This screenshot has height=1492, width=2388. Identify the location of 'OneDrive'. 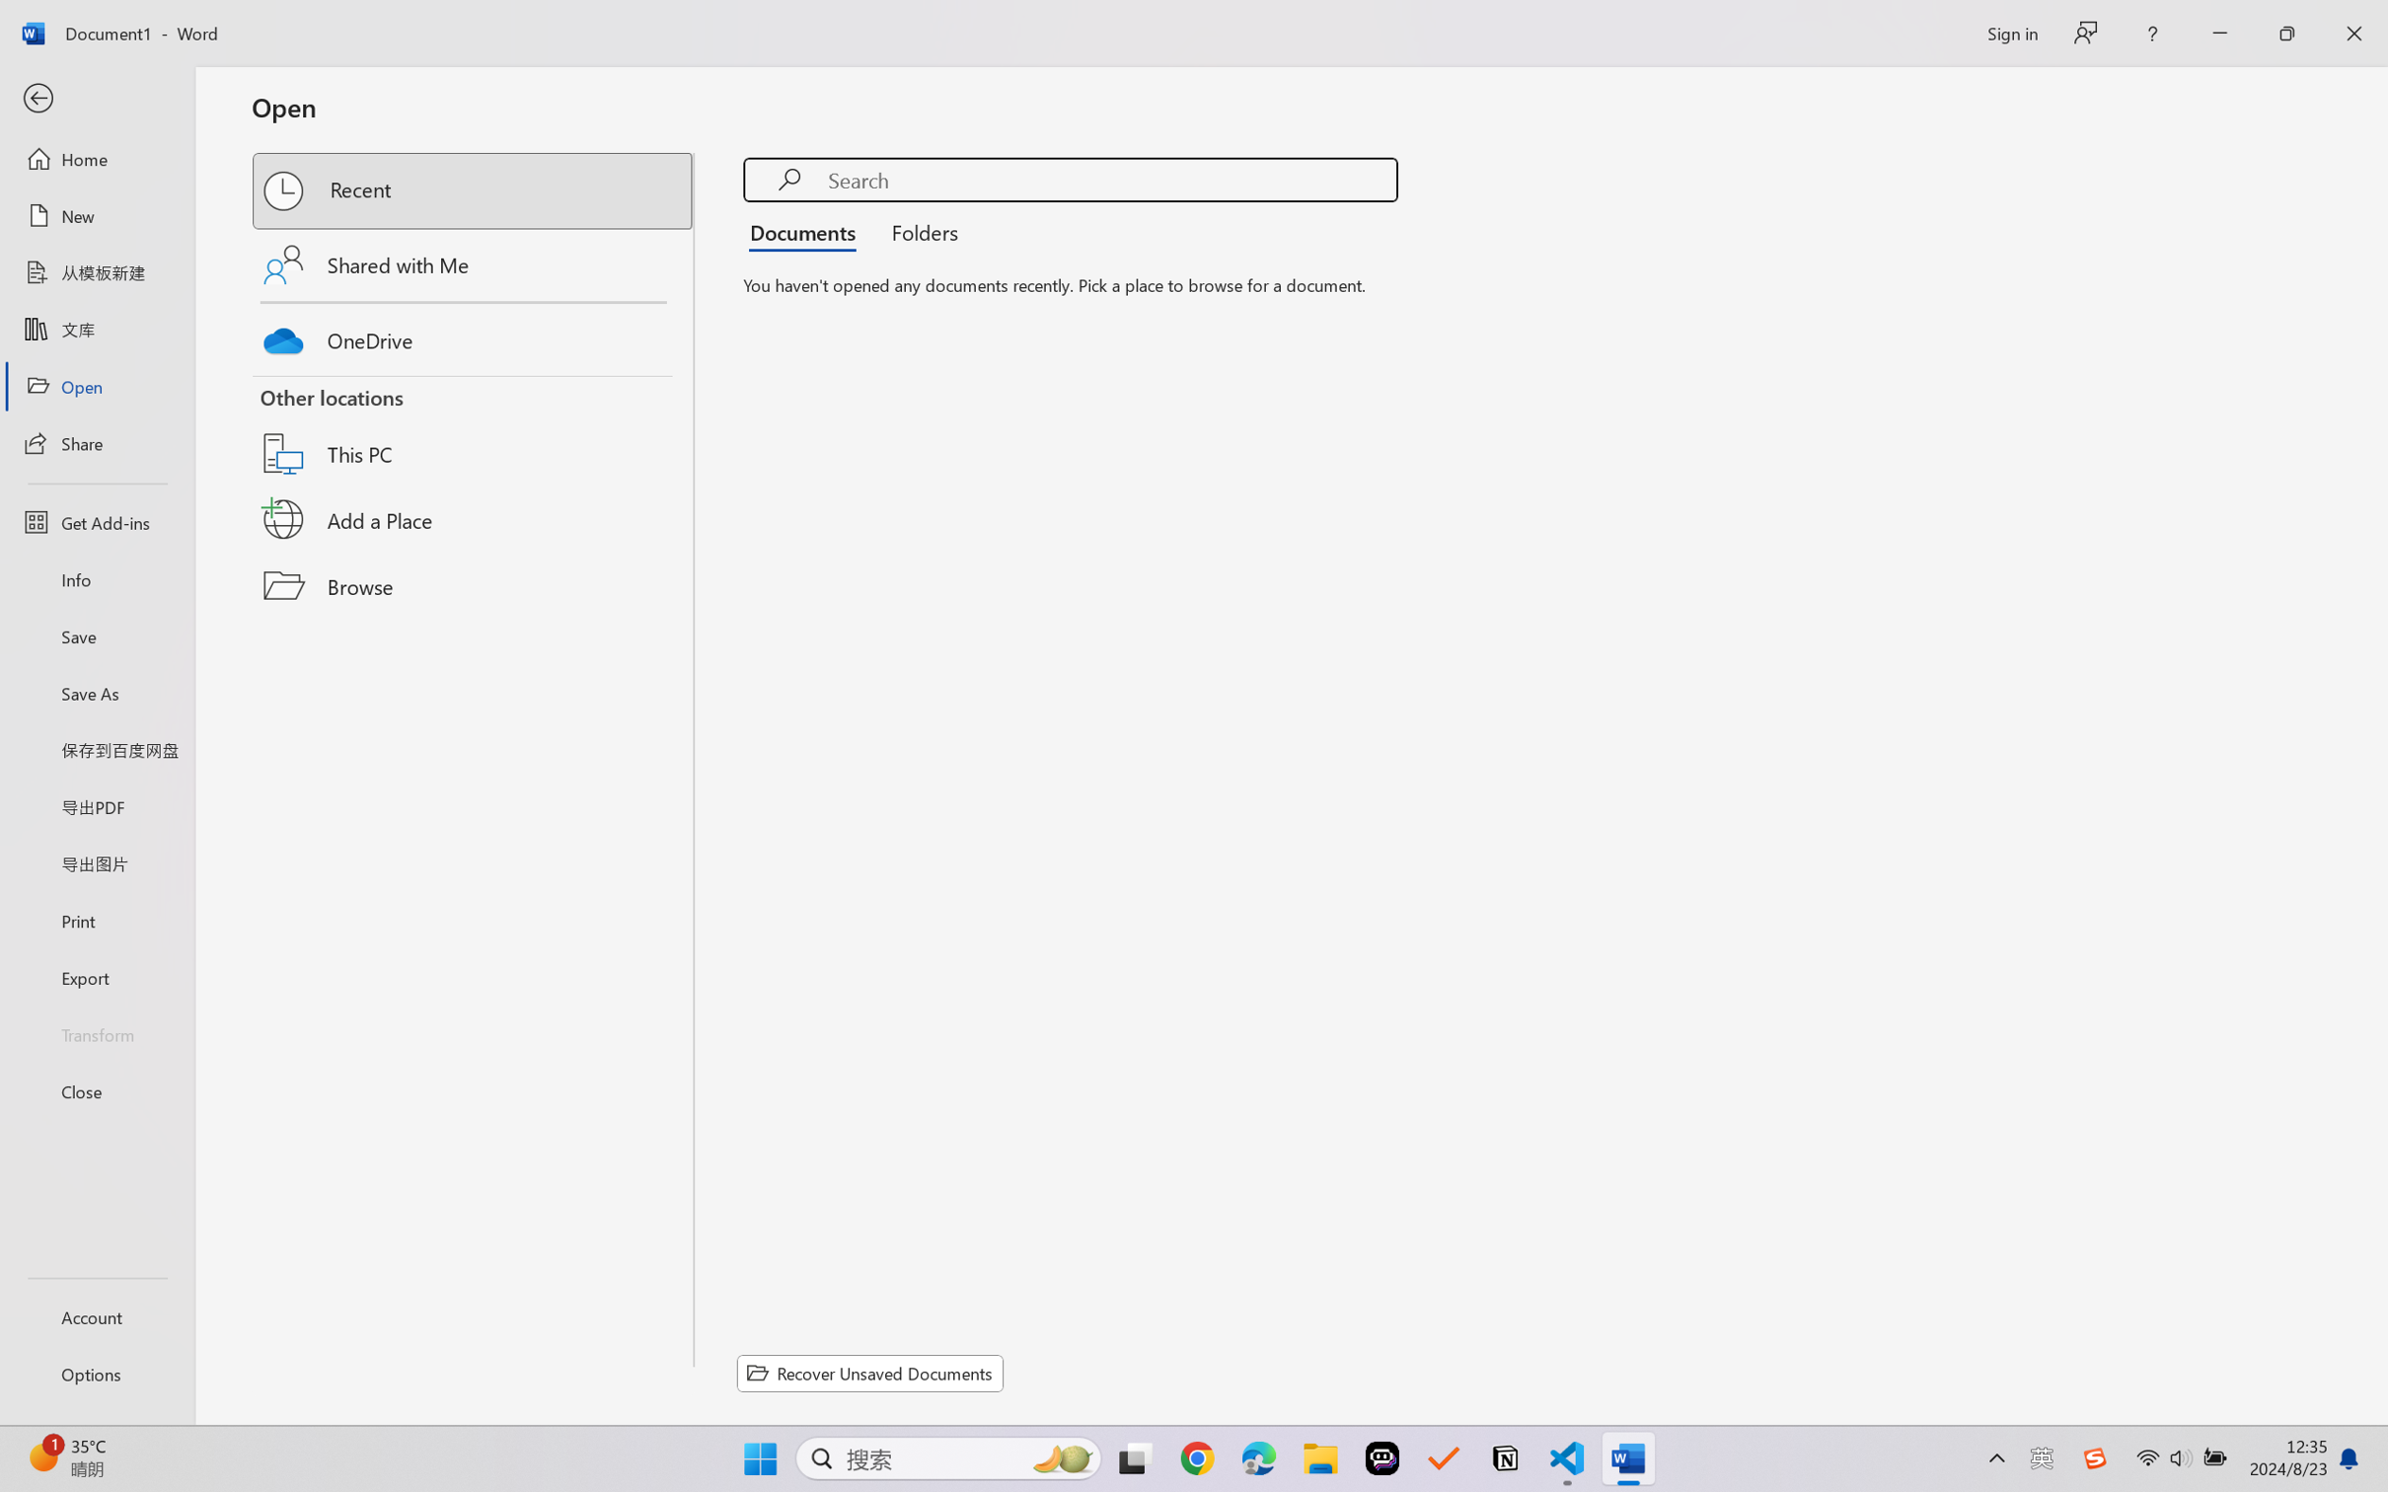
(474, 336).